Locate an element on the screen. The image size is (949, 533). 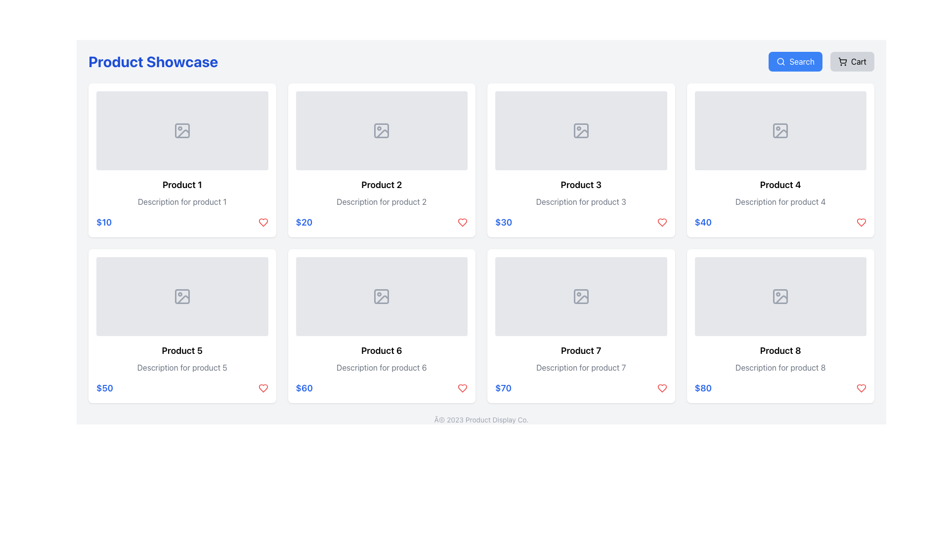
the heart-shaped icon button representing a favorite action located at the bottom-right corner of the card for 'Product 7' is located at coordinates (462, 387).